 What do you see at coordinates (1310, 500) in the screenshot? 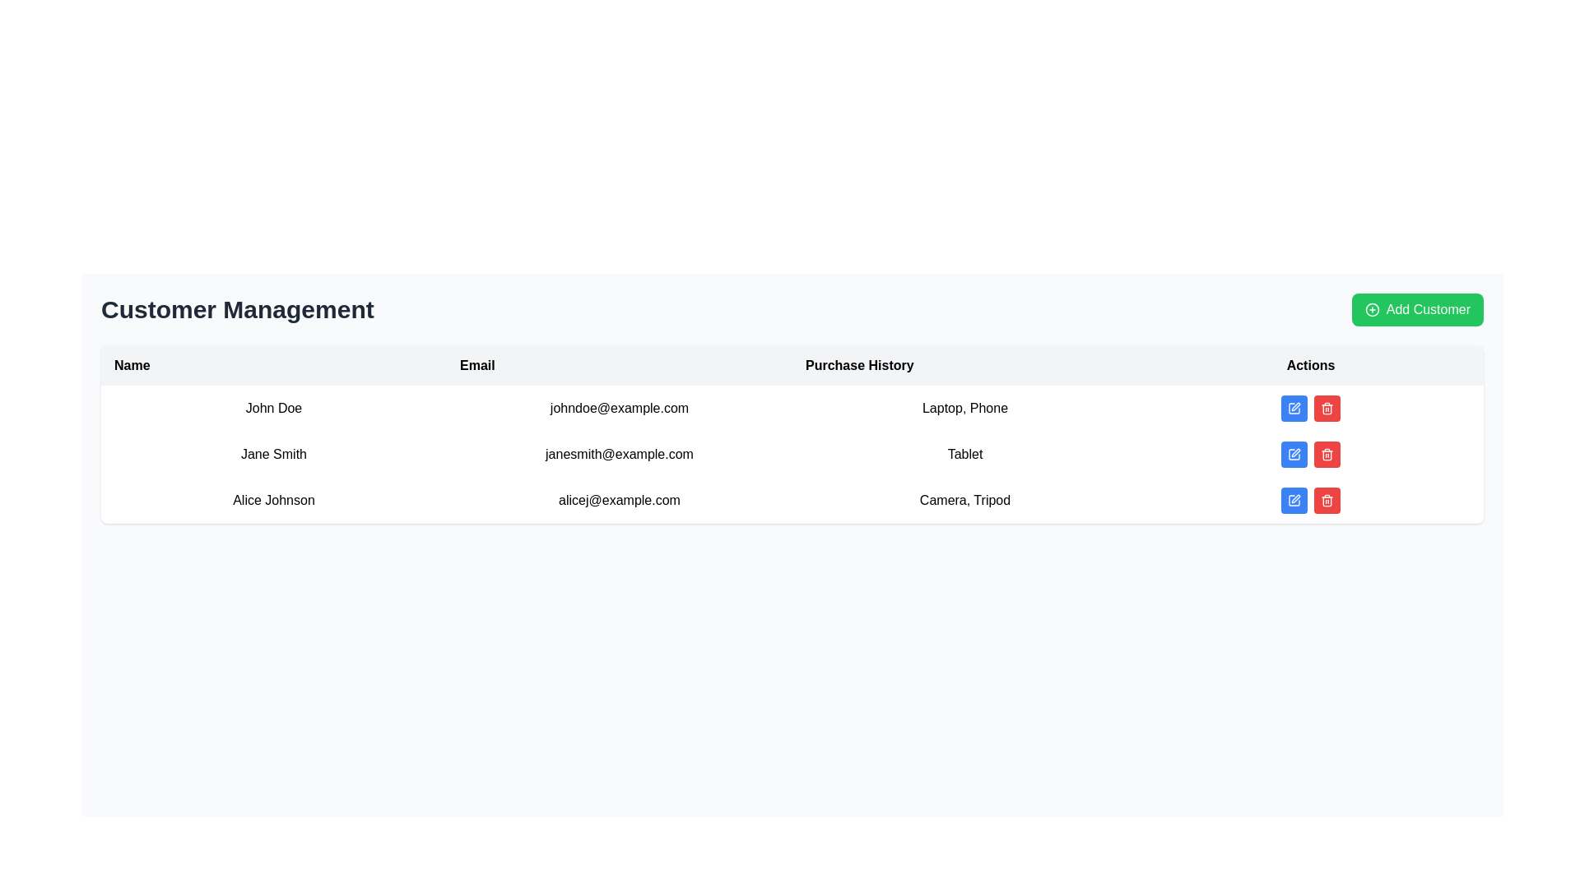
I see `the red delete button in the interactive button group located in the 'Actions' column of the last row for user 'Alice Johnson'` at bounding box center [1310, 500].